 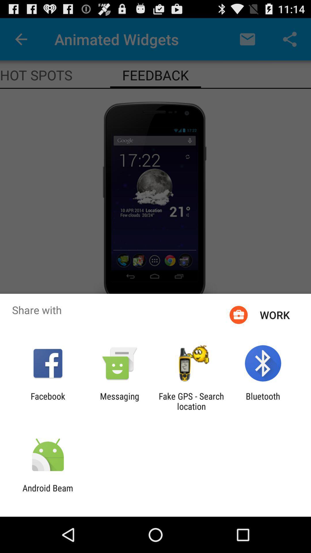 I want to click on the fake gps search, so click(x=191, y=401).